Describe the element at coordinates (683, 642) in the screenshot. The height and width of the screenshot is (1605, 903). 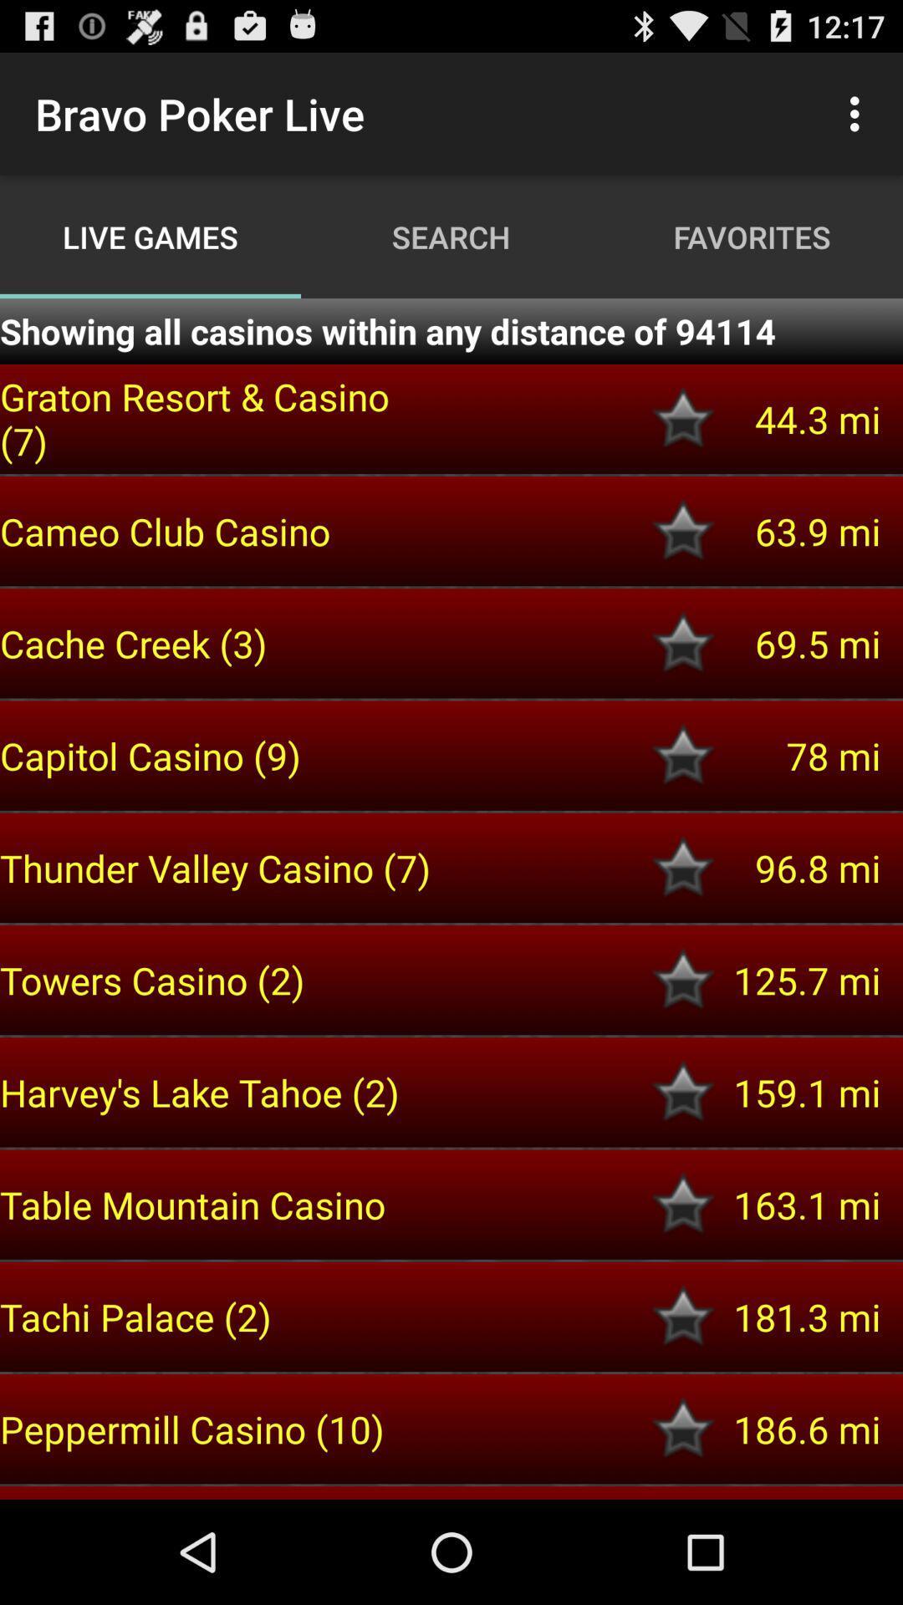
I see `favorite` at that location.